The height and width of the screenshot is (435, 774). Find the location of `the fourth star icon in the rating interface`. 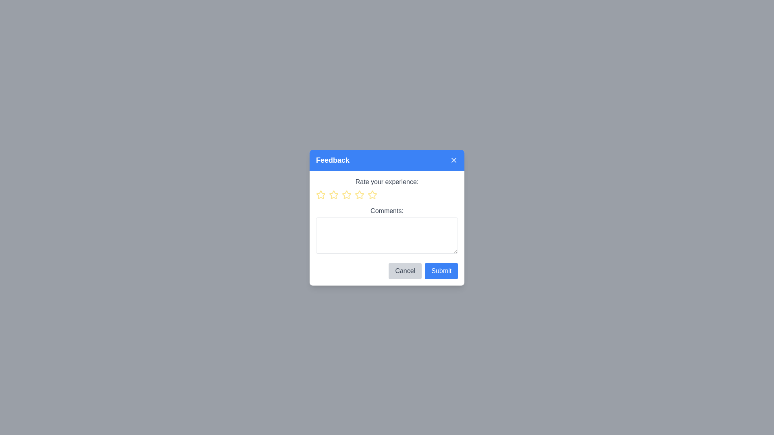

the fourth star icon in the rating interface is located at coordinates (359, 195).